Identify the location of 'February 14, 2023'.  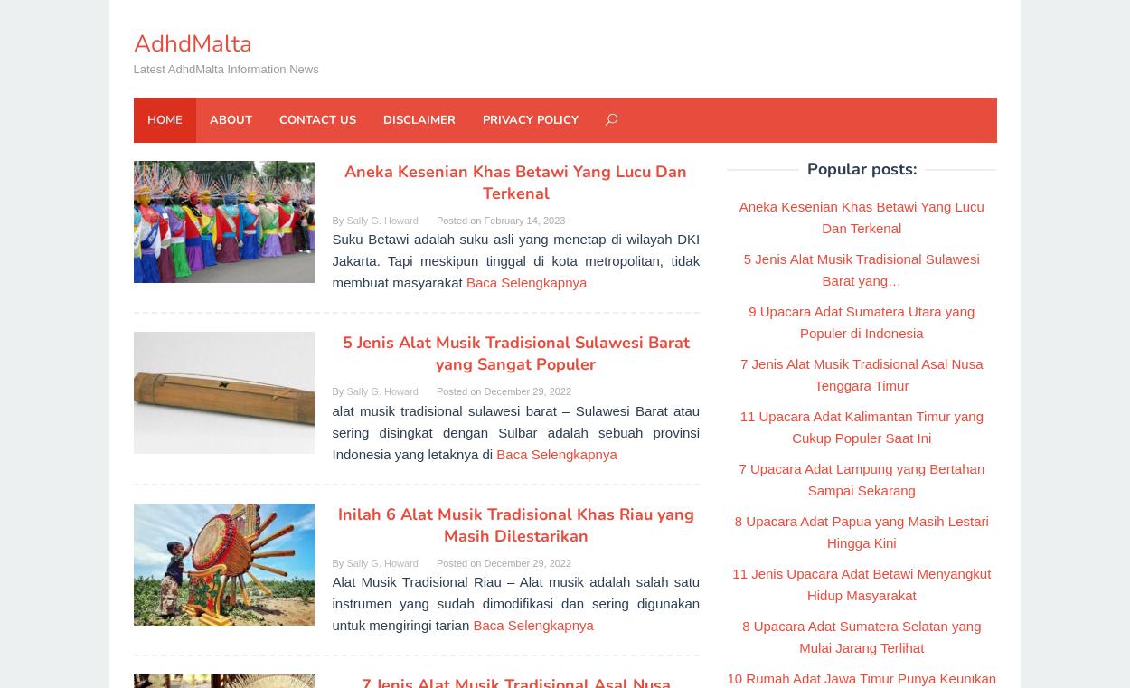
(523, 219).